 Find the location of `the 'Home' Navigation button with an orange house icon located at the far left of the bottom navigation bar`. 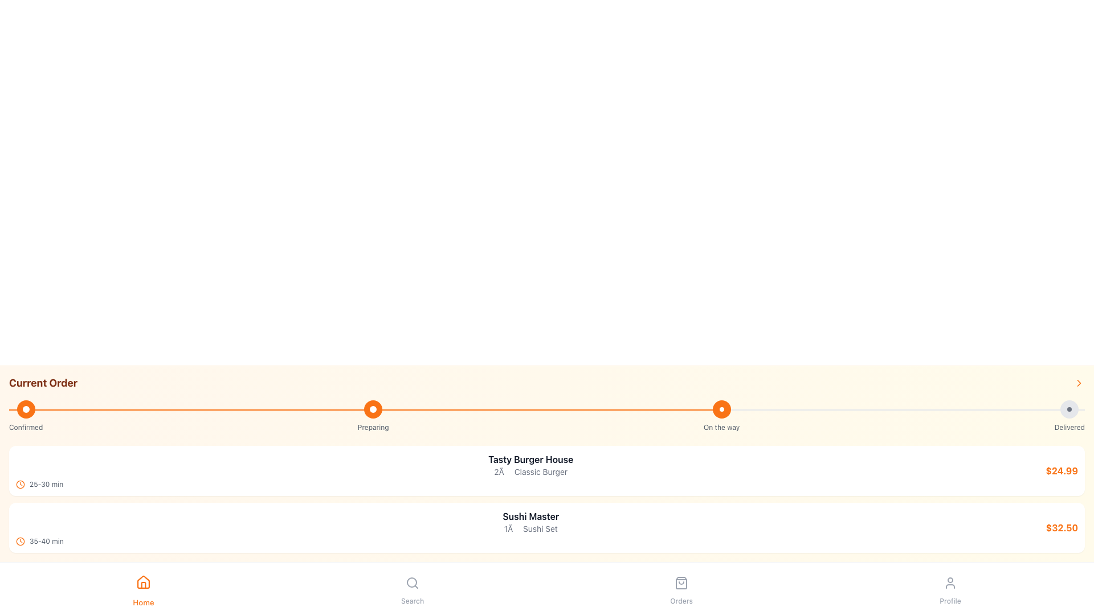

the 'Home' Navigation button with an orange house icon located at the far left of the bottom navigation bar is located at coordinates (142, 588).